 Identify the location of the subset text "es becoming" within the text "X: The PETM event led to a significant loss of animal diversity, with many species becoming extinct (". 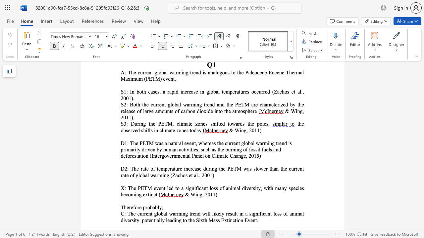
(299, 188).